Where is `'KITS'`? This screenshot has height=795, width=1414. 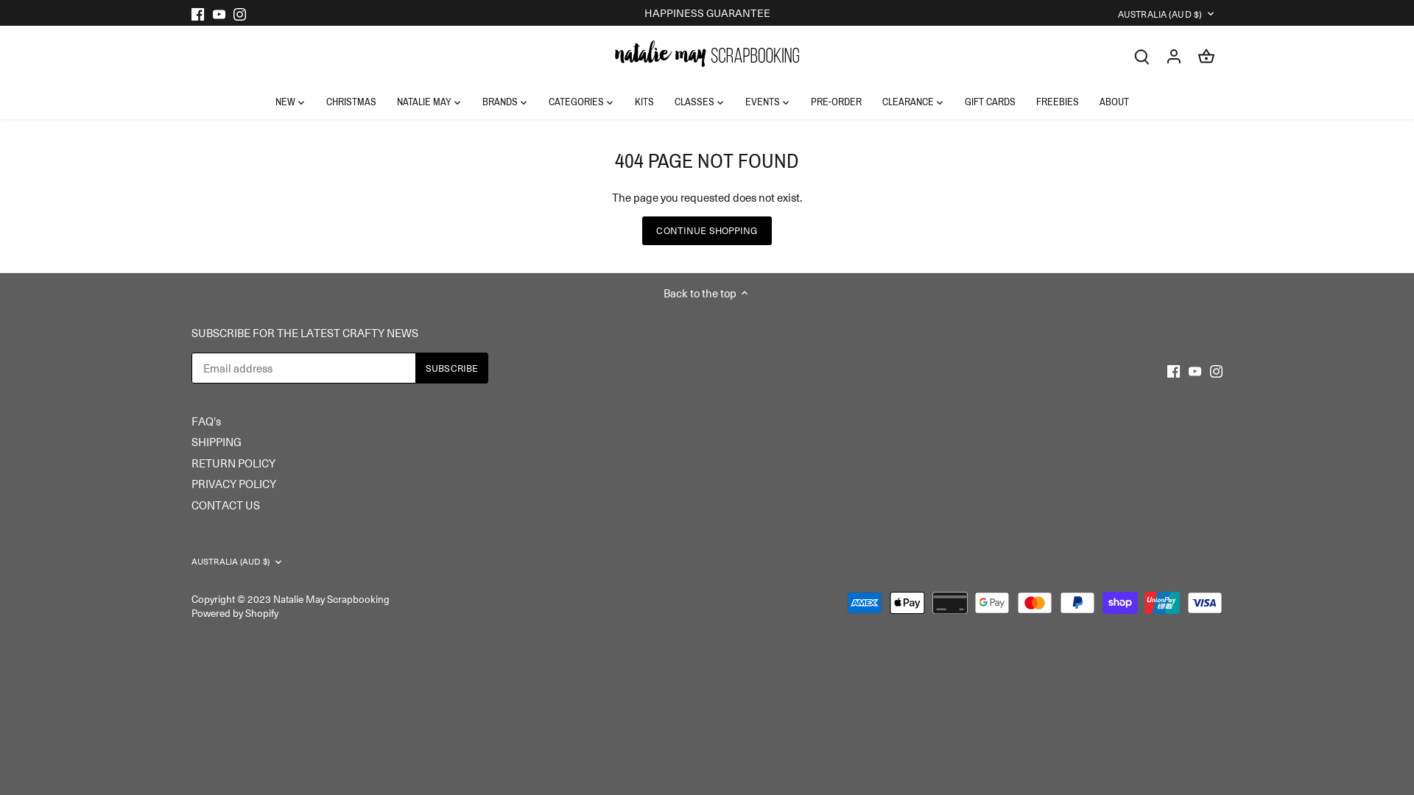
'KITS' is located at coordinates (625, 101).